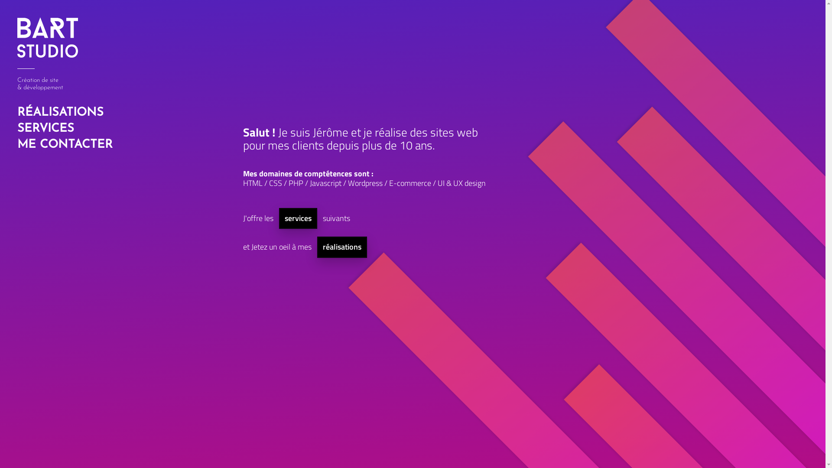 This screenshot has height=468, width=832. I want to click on 'ME CONTACTER', so click(15, 144).